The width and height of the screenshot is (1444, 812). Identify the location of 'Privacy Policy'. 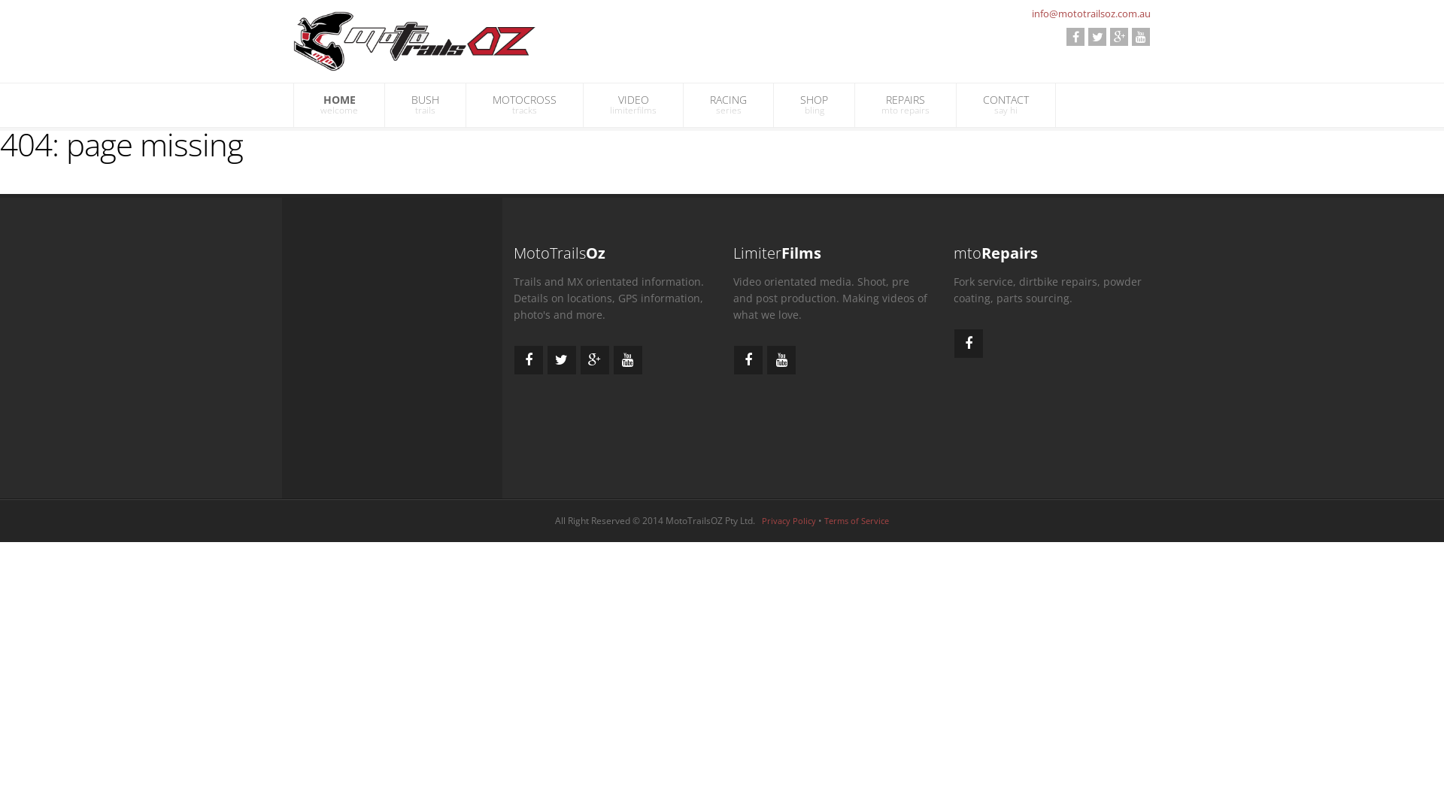
(788, 520).